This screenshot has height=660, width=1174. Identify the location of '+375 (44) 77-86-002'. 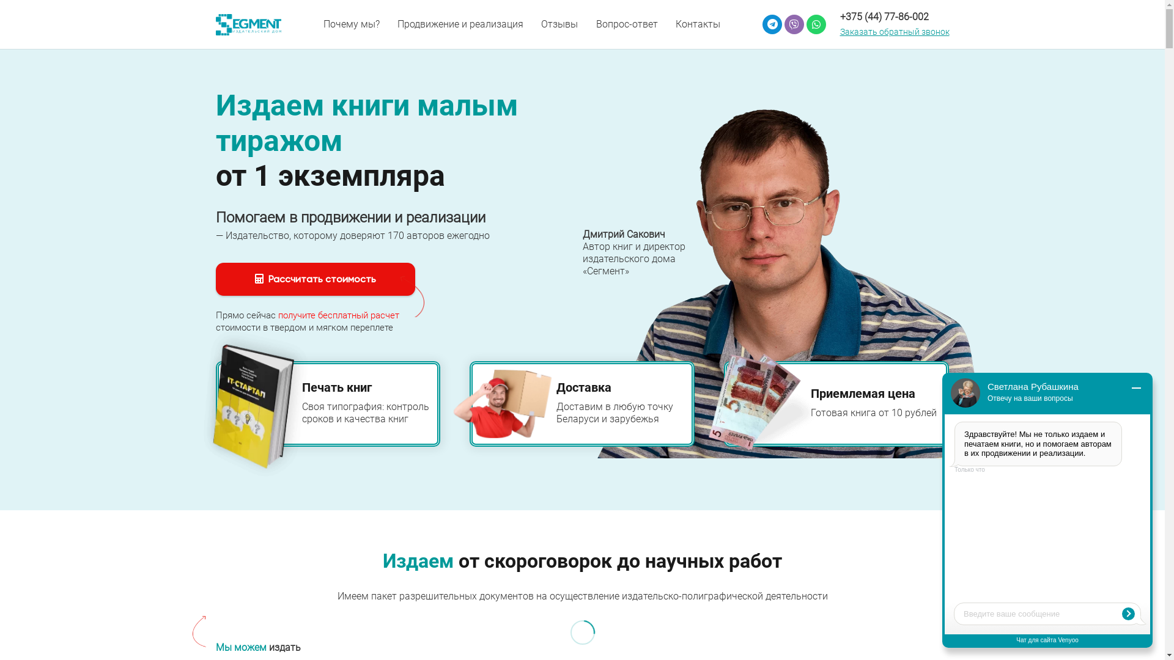
(839, 16).